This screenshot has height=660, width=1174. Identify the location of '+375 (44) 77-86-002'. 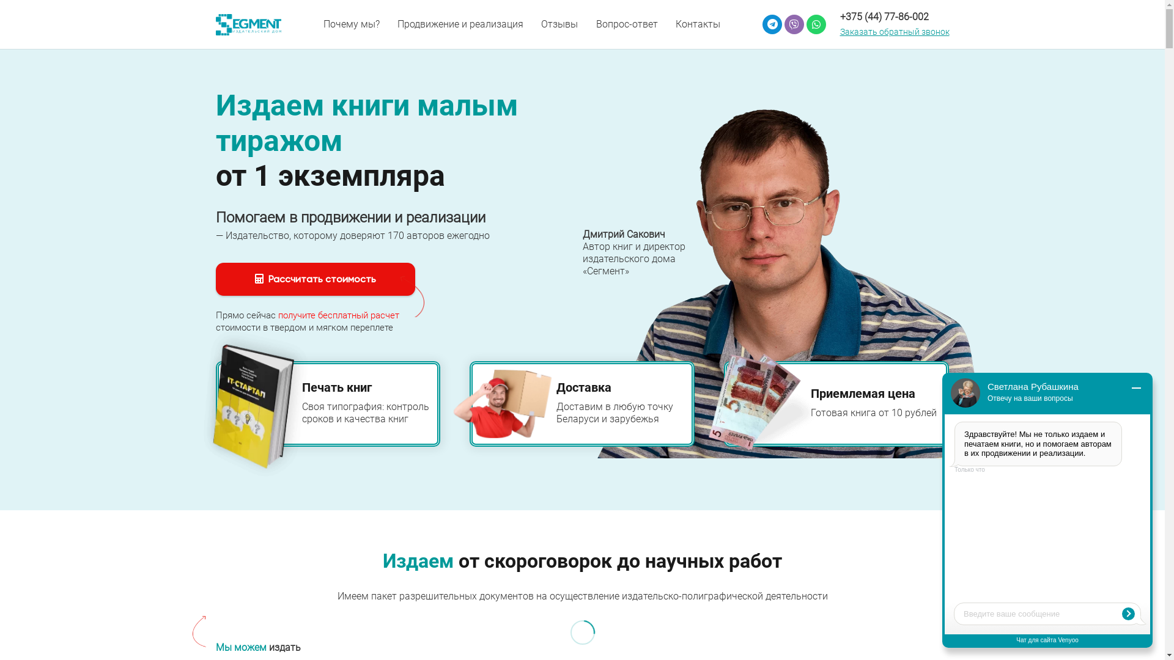
(839, 16).